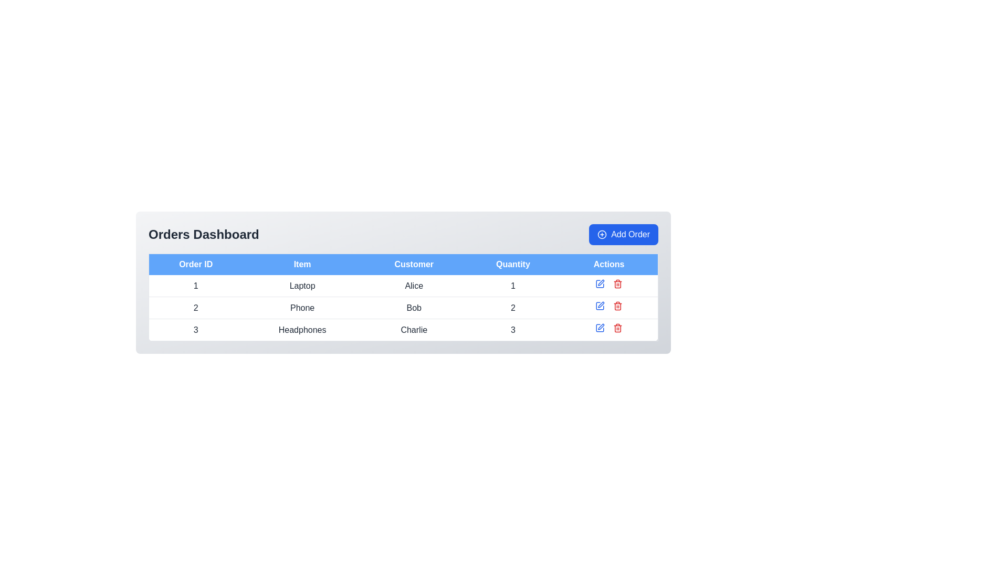 This screenshot has width=1008, height=567. What do you see at coordinates (413, 264) in the screenshot?
I see `the 'Customer' column header in the table, which is the third header between 'Item' and 'Quantity'` at bounding box center [413, 264].